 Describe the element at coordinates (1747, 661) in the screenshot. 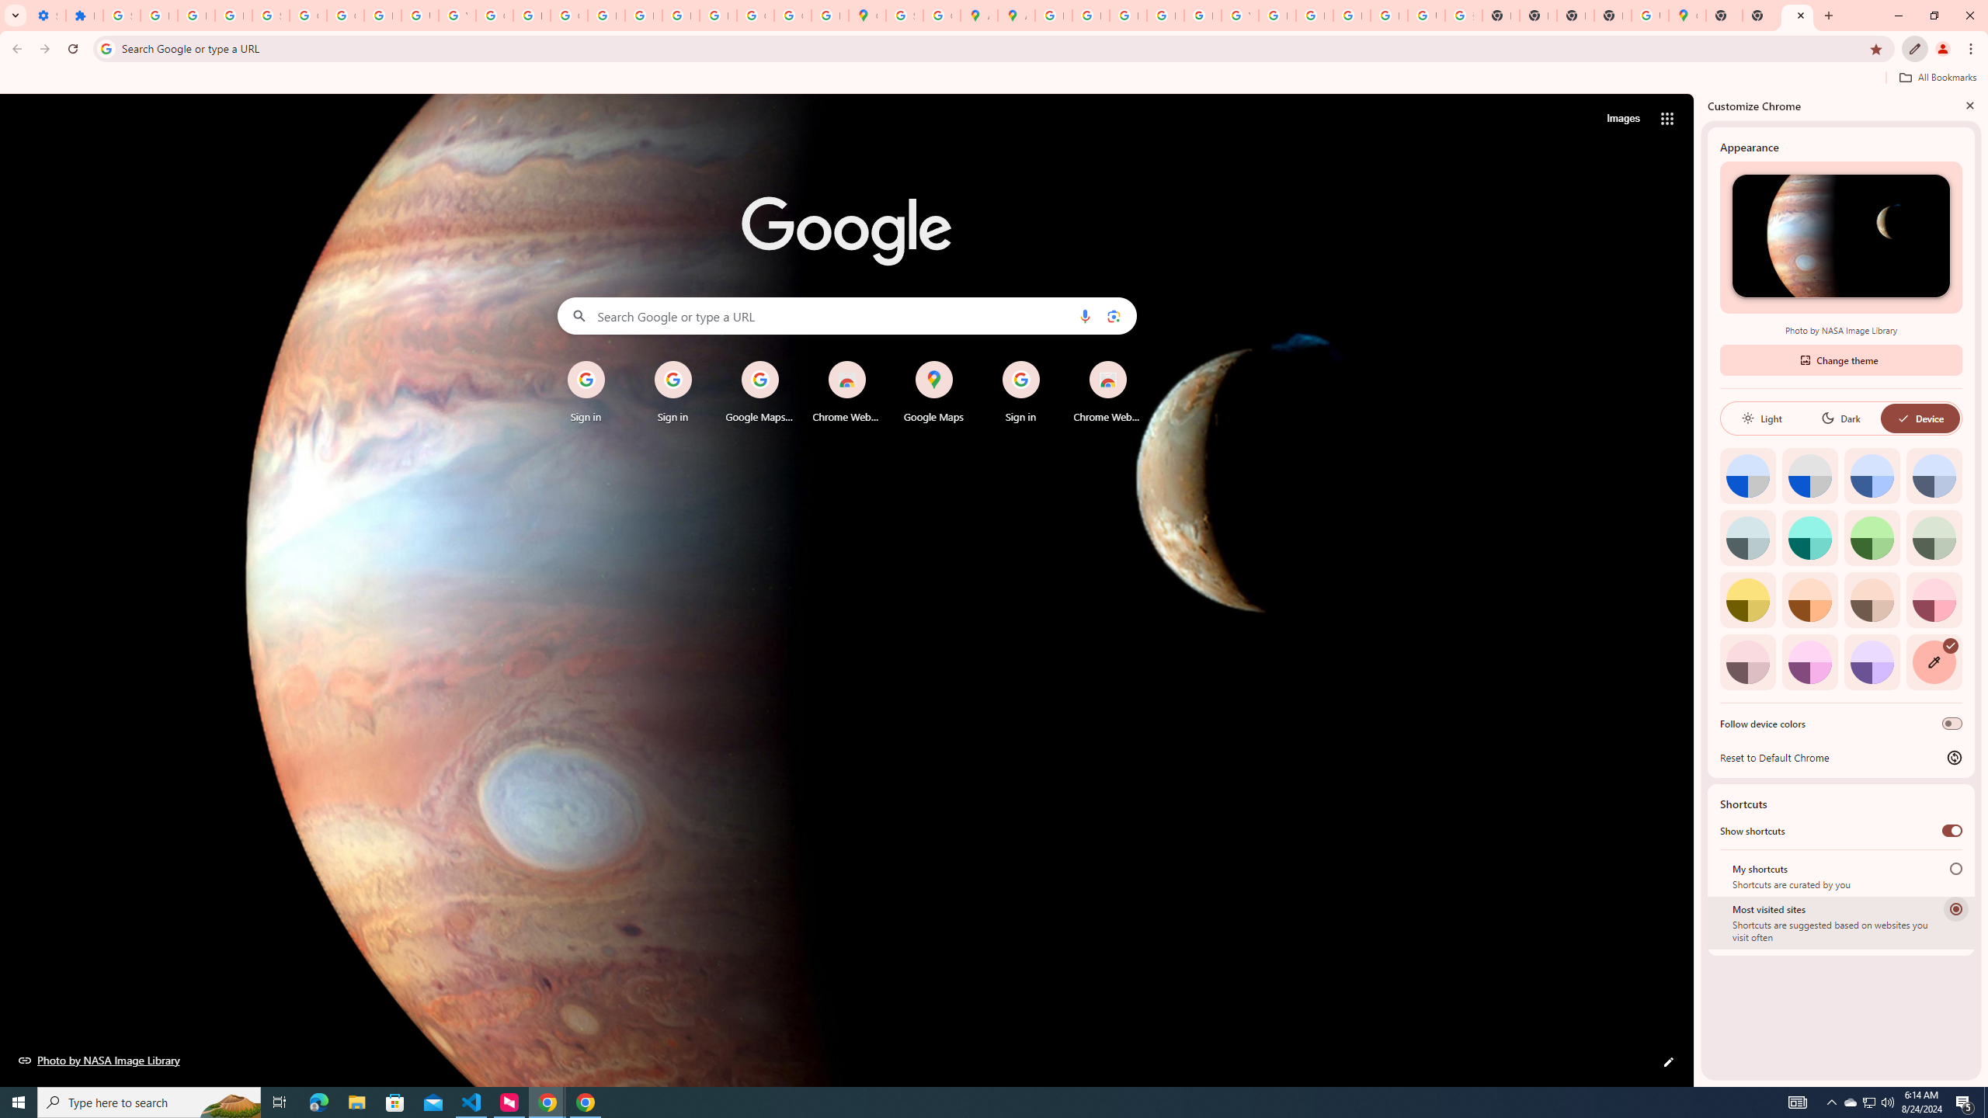

I see `'Pink'` at that location.